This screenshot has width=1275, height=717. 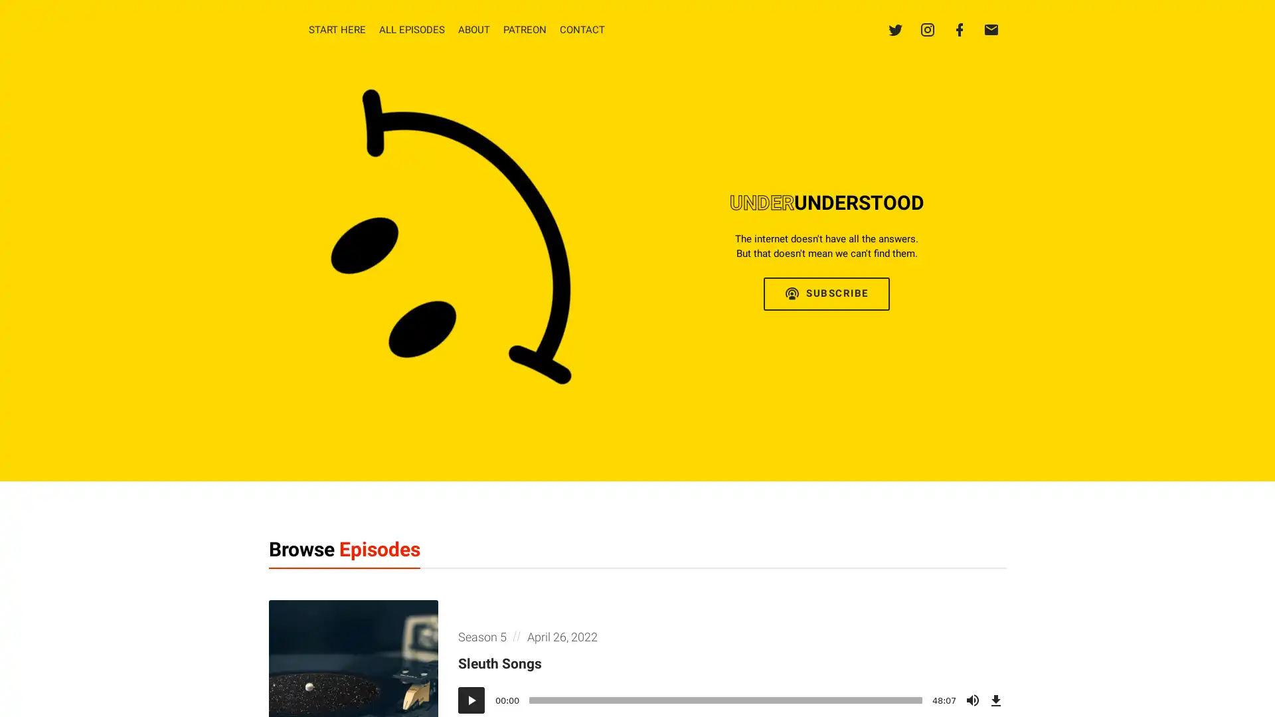 What do you see at coordinates (972, 698) in the screenshot?
I see `Mute` at bounding box center [972, 698].